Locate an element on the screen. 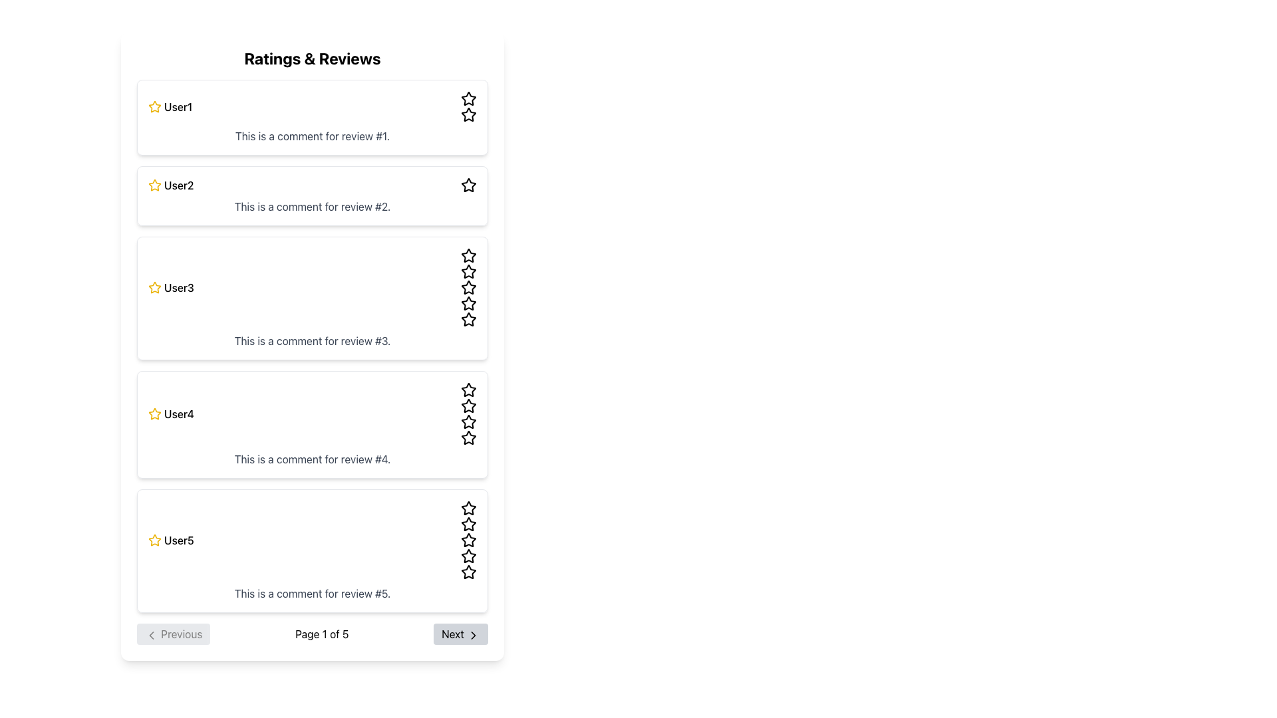 This screenshot has height=718, width=1277. the second interactive star icon next to User3's review text to give a rating is located at coordinates (469, 271).